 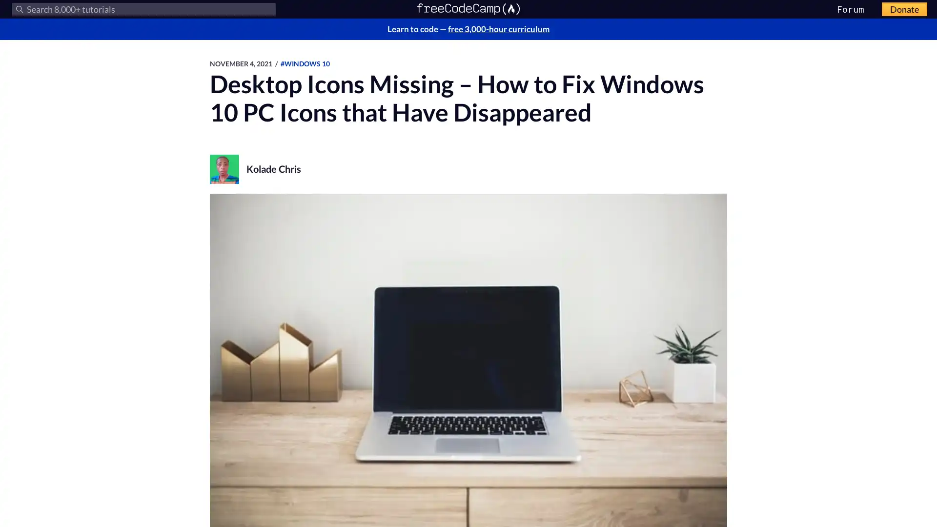 I want to click on Submit your search query, so click(x=19, y=9).